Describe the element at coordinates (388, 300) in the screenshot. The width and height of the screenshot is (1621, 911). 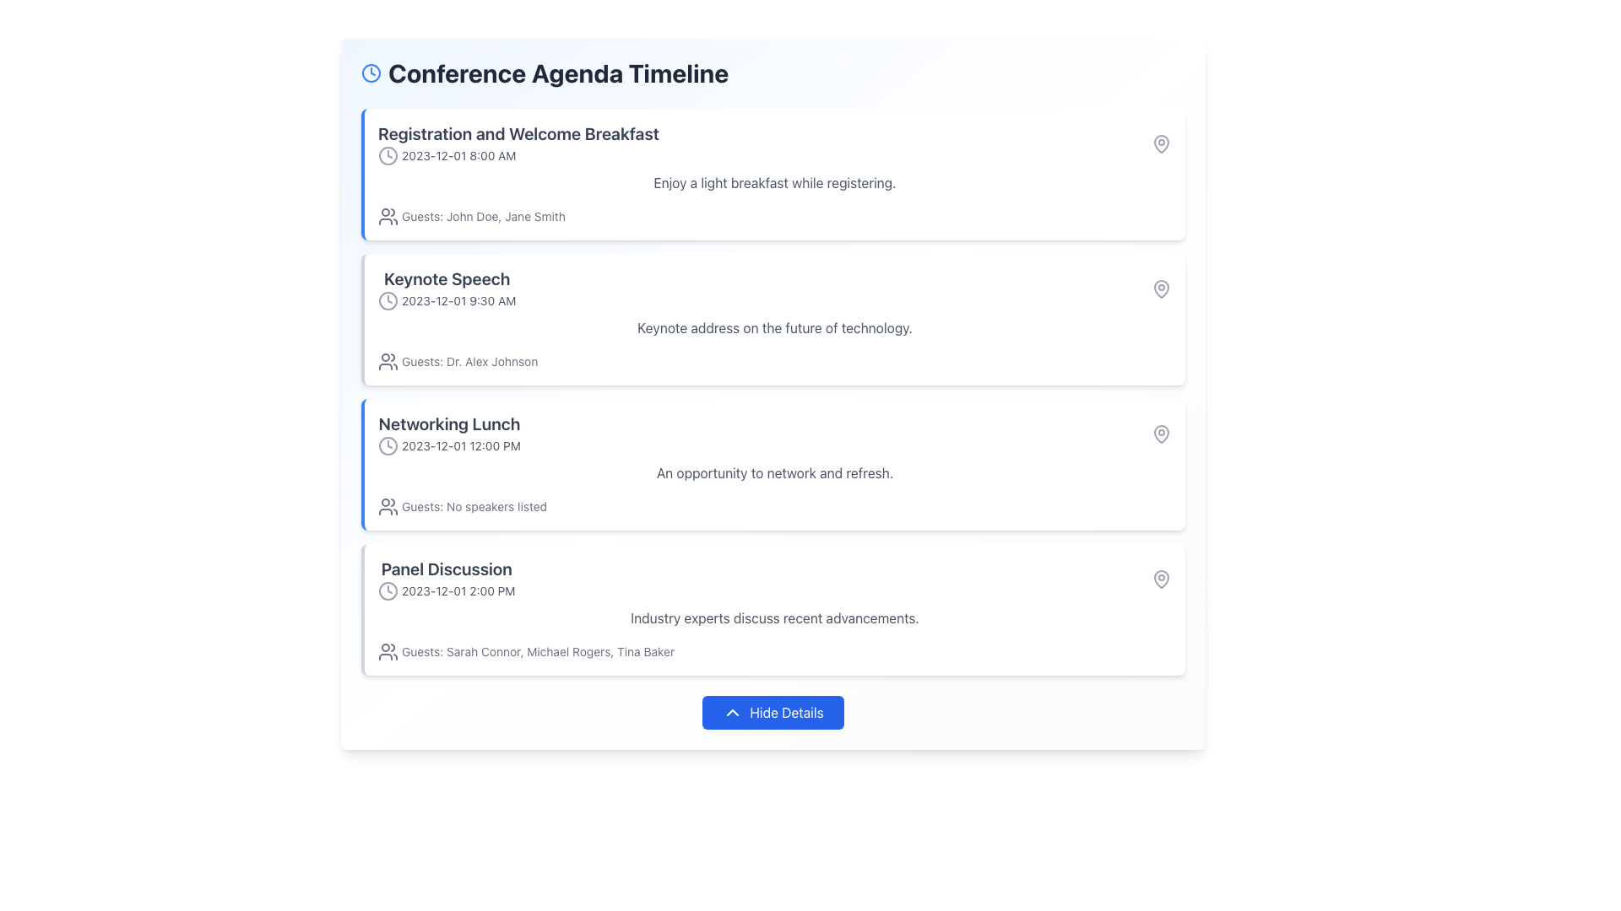
I see `the clock face represented by the SVG circle in the 'Keynote Speech' section of the agenda` at that location.